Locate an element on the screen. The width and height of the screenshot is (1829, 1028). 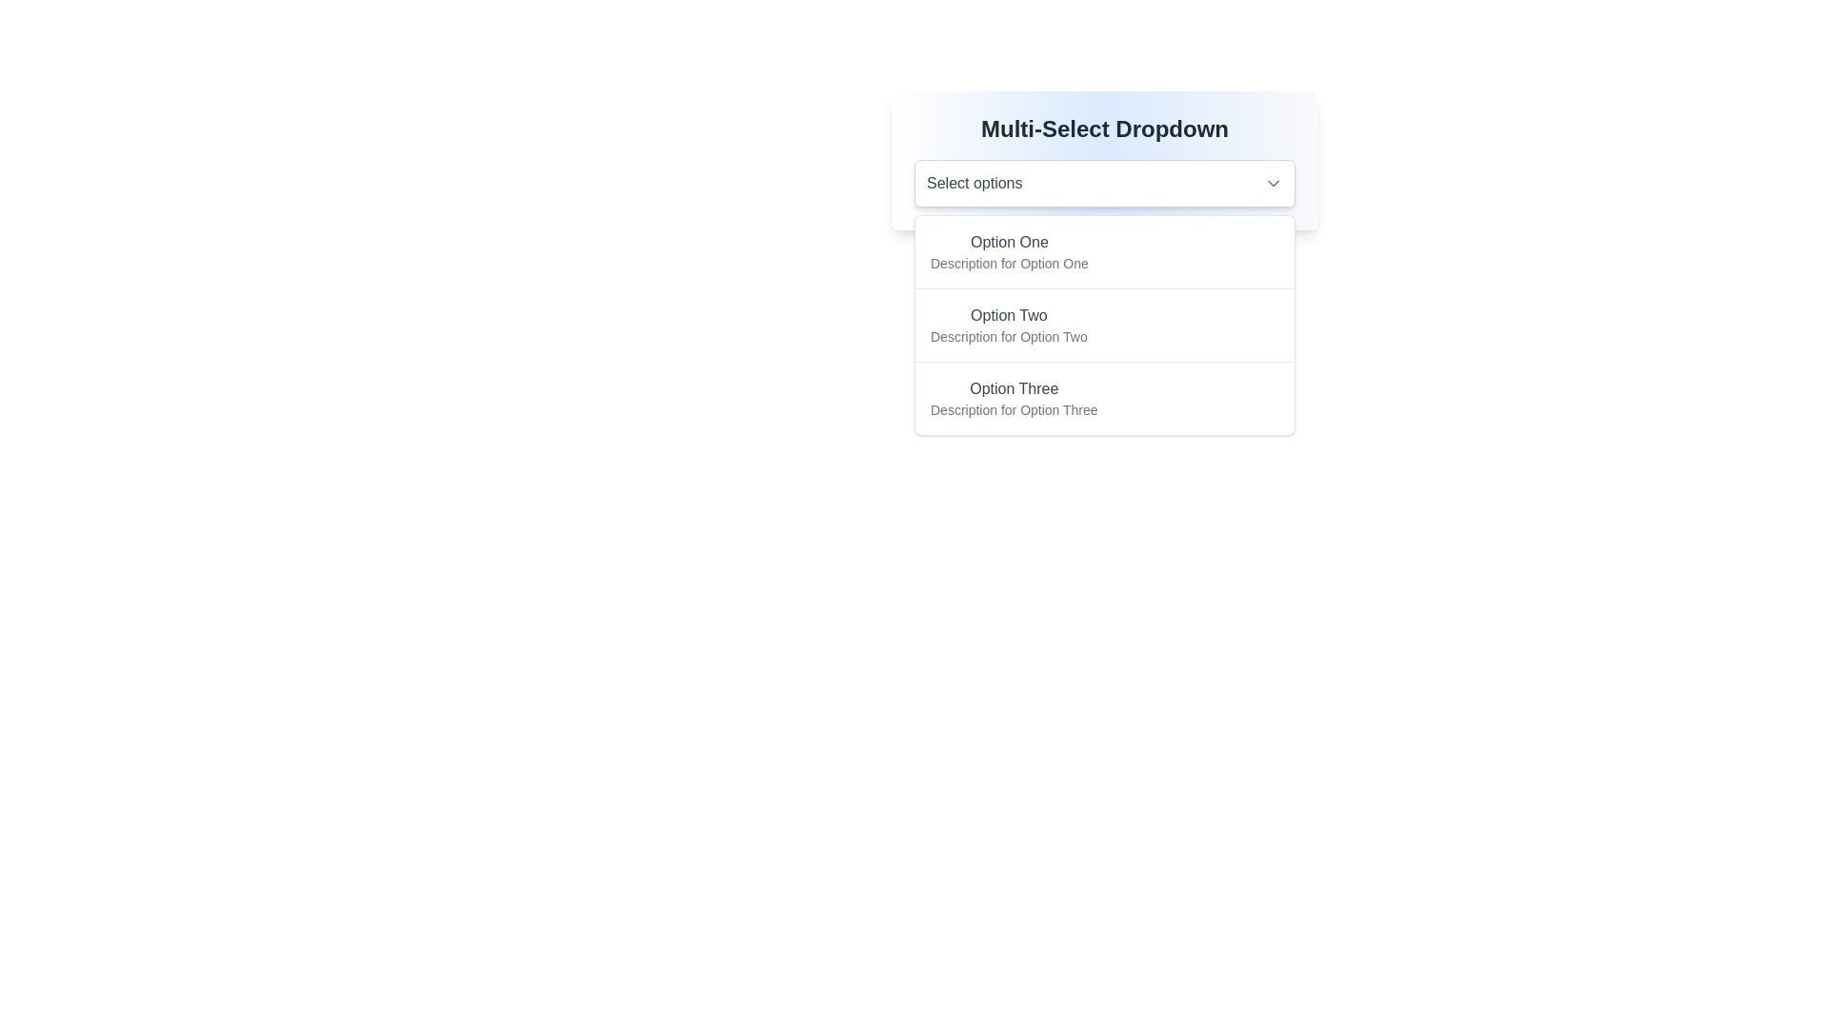
the multi-select dropdown options is located at coordinates (1105, 160).